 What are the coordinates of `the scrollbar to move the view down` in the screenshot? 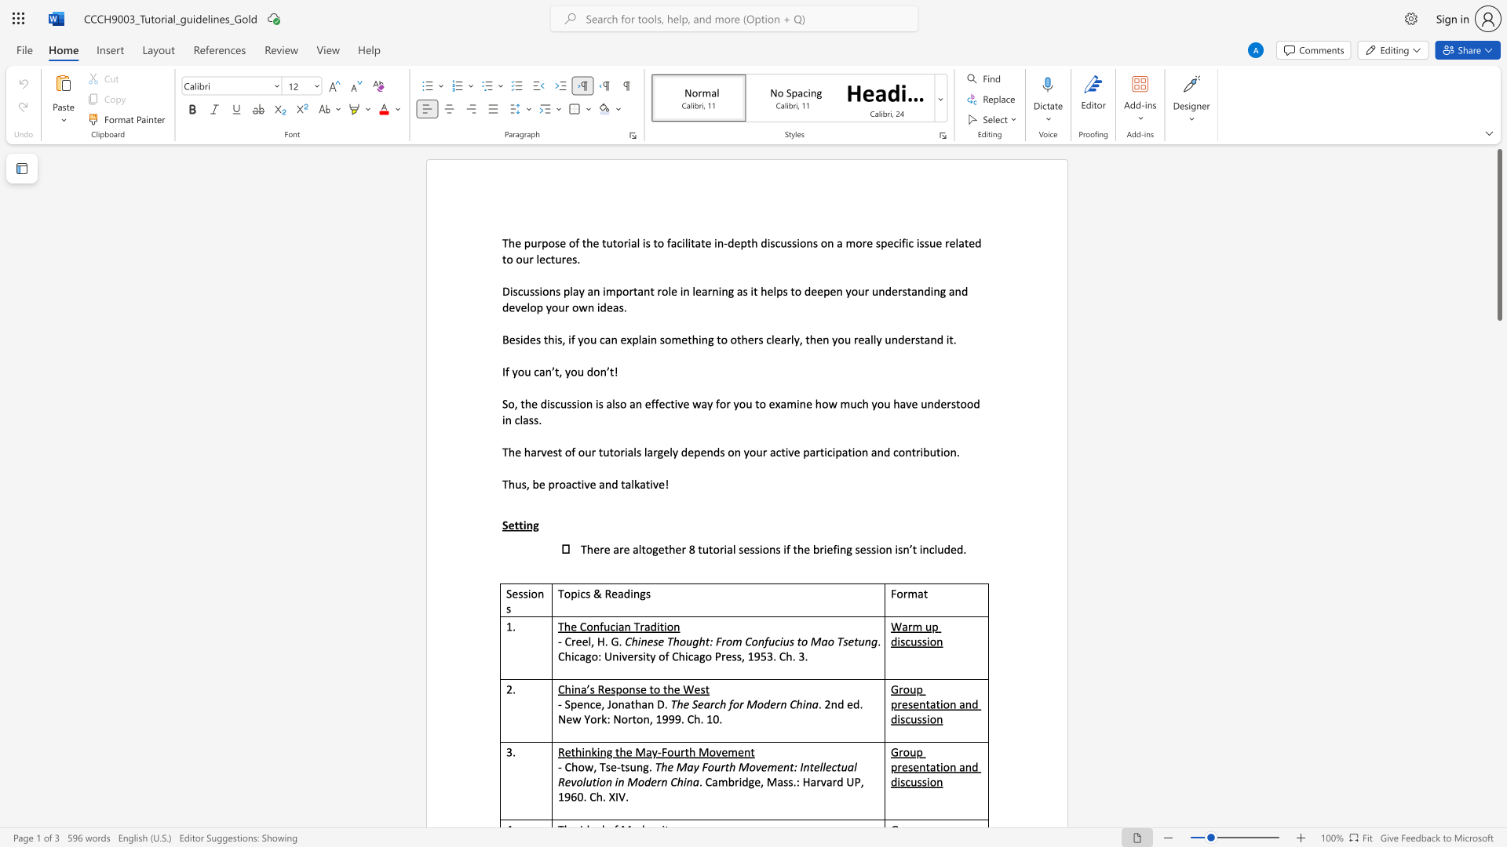 It's located at (1498, 447).